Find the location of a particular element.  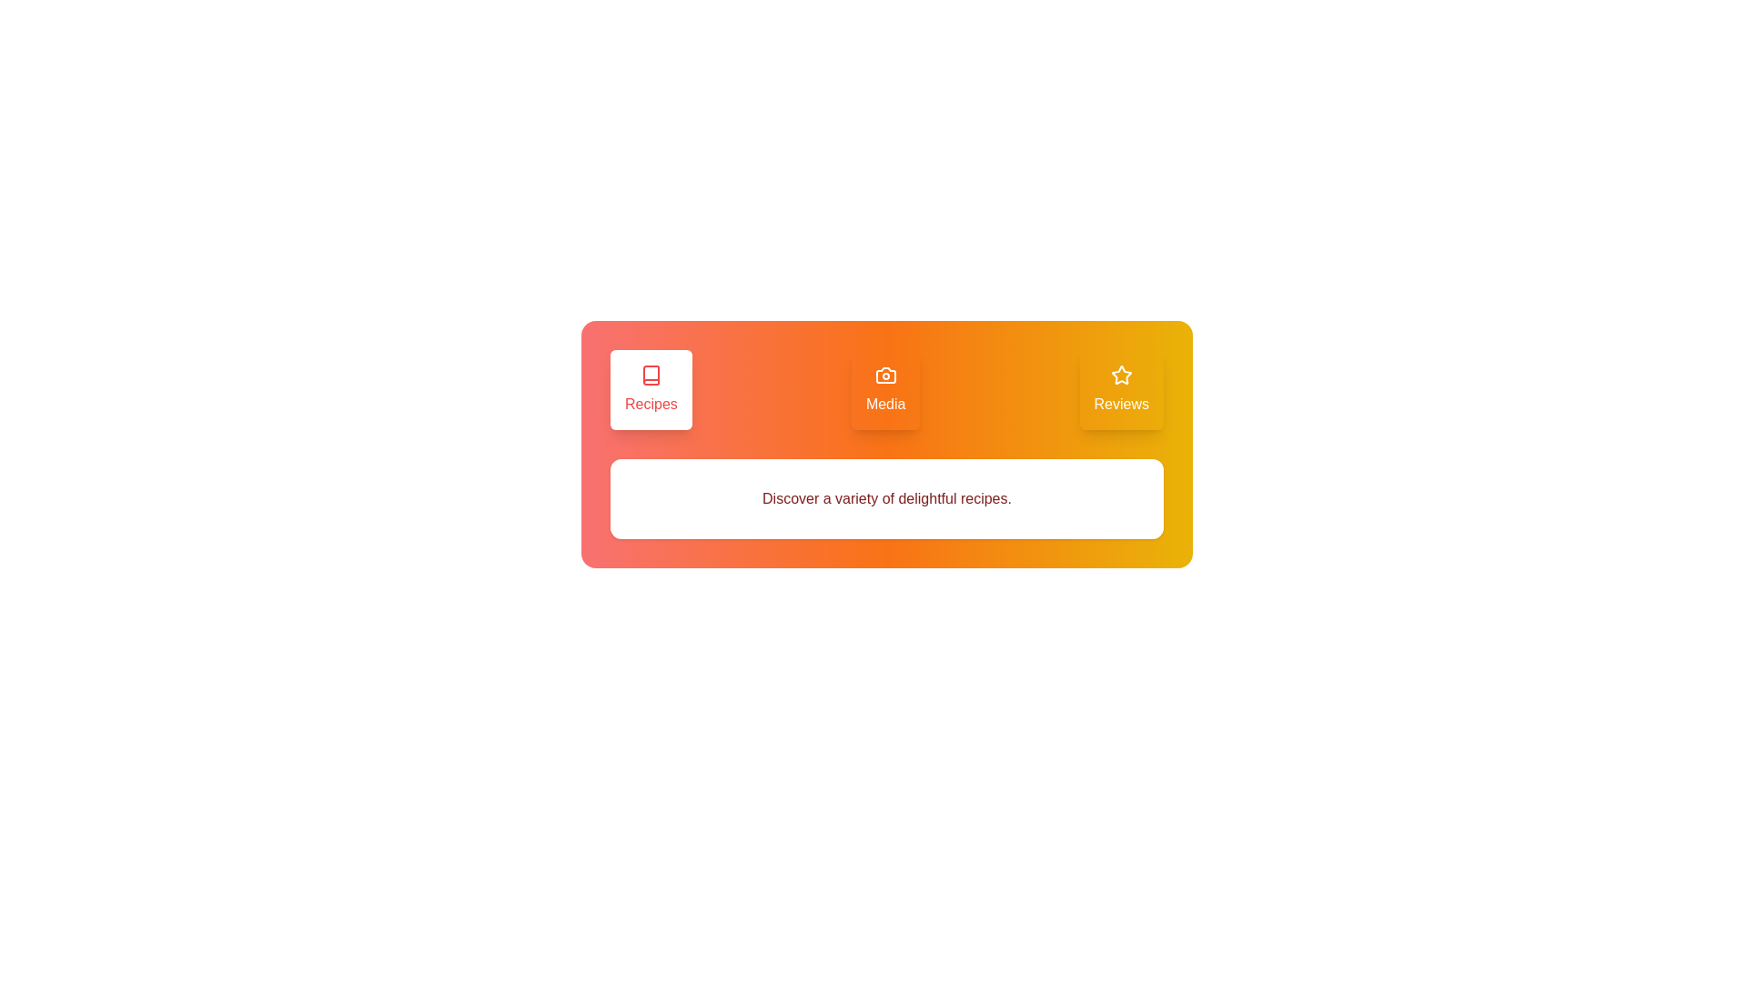

the tab labeled Recipes to activate it is located at coordinates (651, 388).